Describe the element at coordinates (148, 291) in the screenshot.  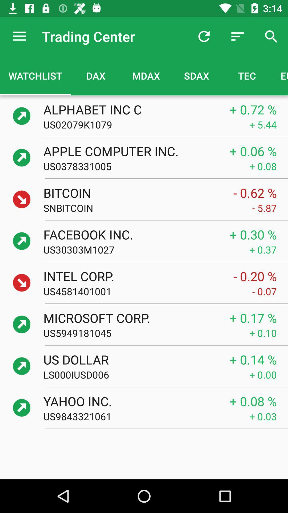
I see `icon below intel corp. icon` at that location.